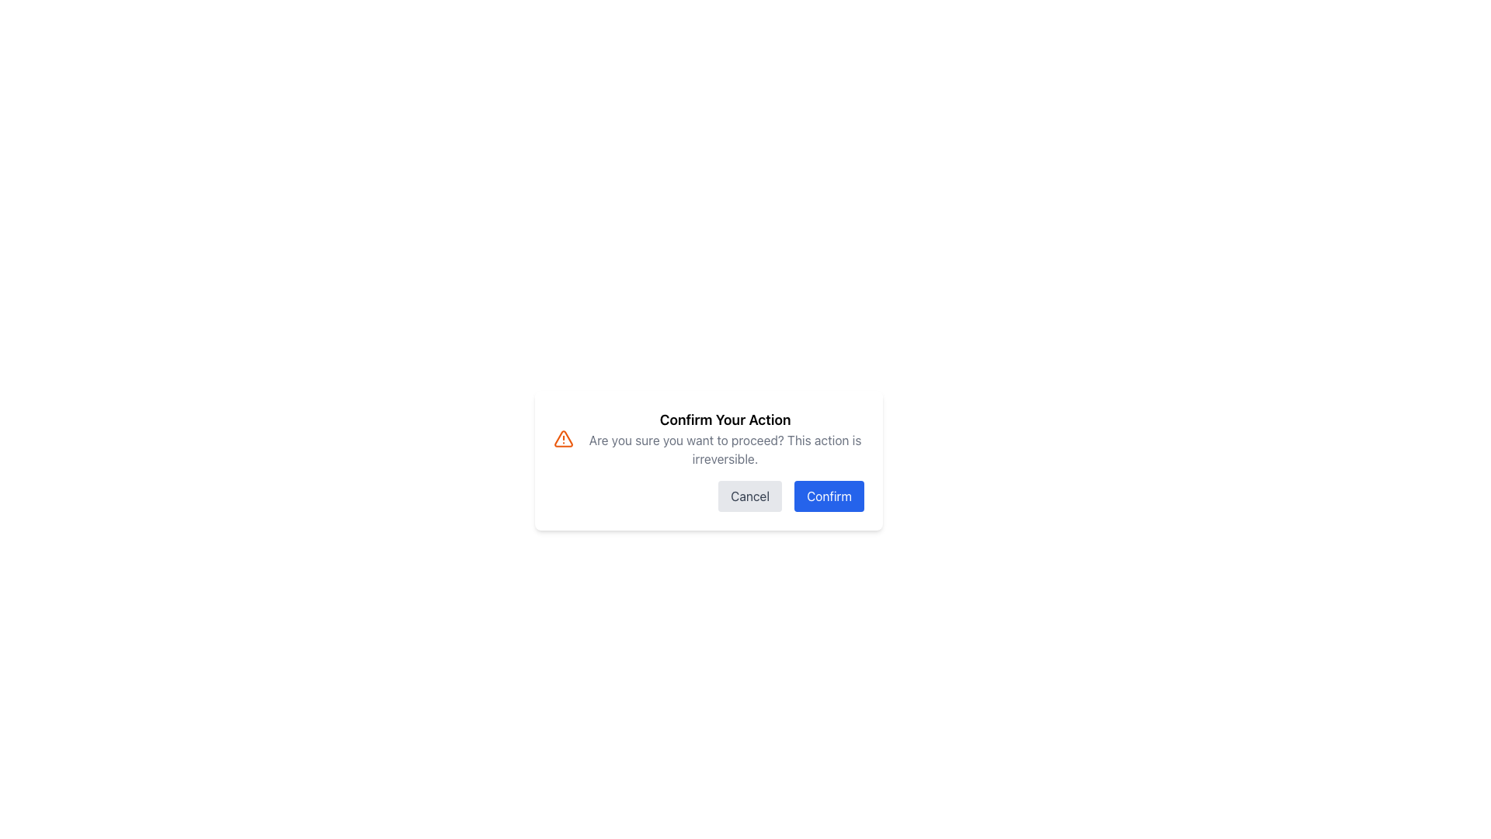  What do you see at coordinates (707, 438) in the screenshot?
I see `informational text with the alert icon that includes the header 'Confirm Your Action' and the description 'Are you sure you want to proceed? This action is irreversible.'` at bounding box center [707, 438].